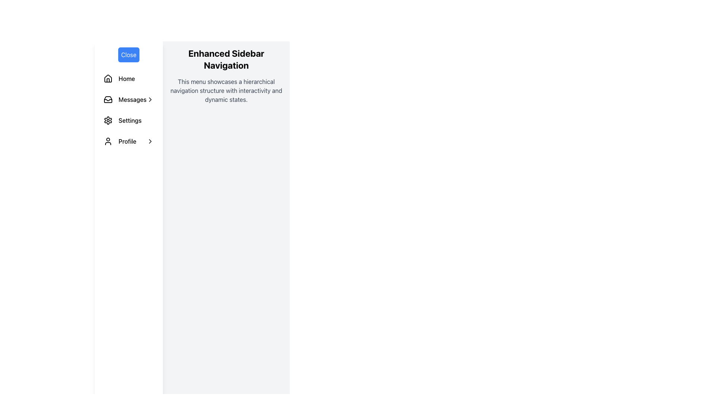 This screenshot has height=403, width=716. What do you see at coordinates (132, 99) in the screenshot?
I see `text displayed in the 'Messages' text label located in the sidebar navigation menu` at bounding box center [132, 99].